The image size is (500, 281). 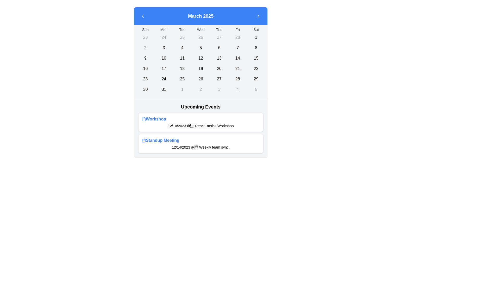 I want to click on the static text label displaying 'Mon', which is located in the top of the calendar view, second among the weekdays, so click(x=164, y=30).